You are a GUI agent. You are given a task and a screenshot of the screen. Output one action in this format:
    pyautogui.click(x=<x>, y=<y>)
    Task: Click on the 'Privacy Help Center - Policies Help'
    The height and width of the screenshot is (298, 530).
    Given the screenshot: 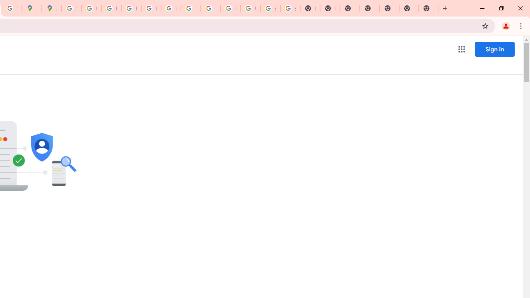 What is the action you would take?
    pyautogui.click(x=111, y=8)
    